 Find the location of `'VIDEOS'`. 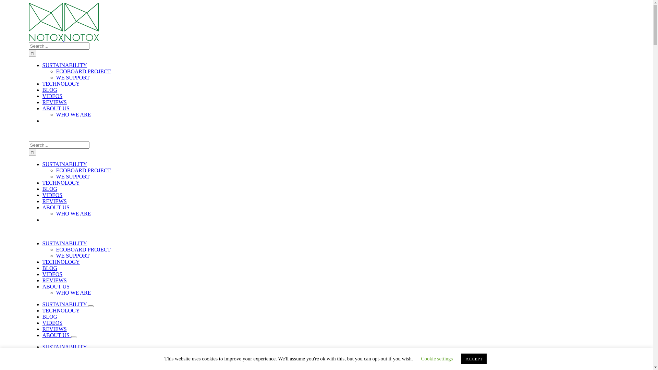

'VIDEOS' is located at coordinates (42, 96).